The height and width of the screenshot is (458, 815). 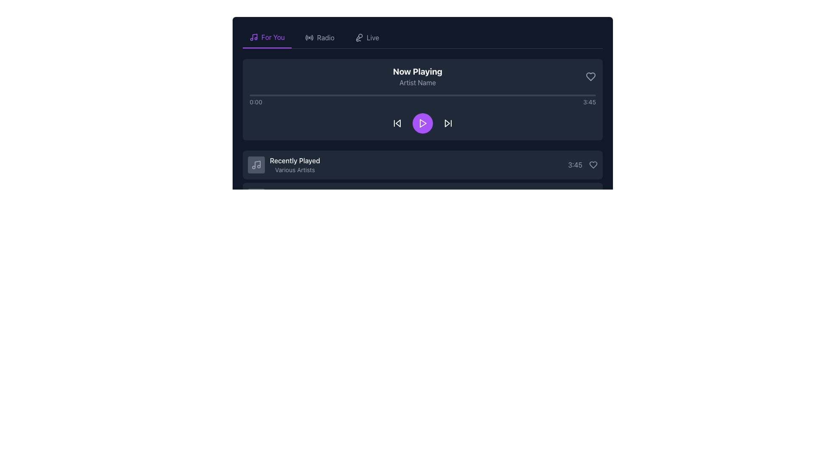 I want to click on the centrally positioned music section with a dark background and rounded edges, so click(x=423, y=151).